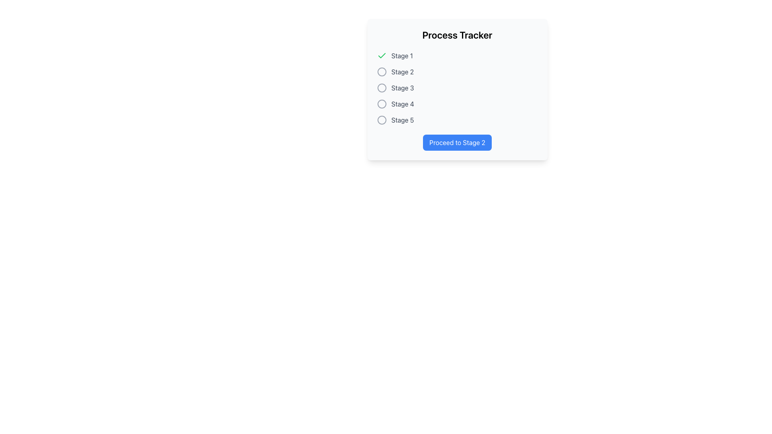  I want to click on the non-interactive text label for the fourth stage of the process in the 'Process Tracker' dialog, so click(395, 103).